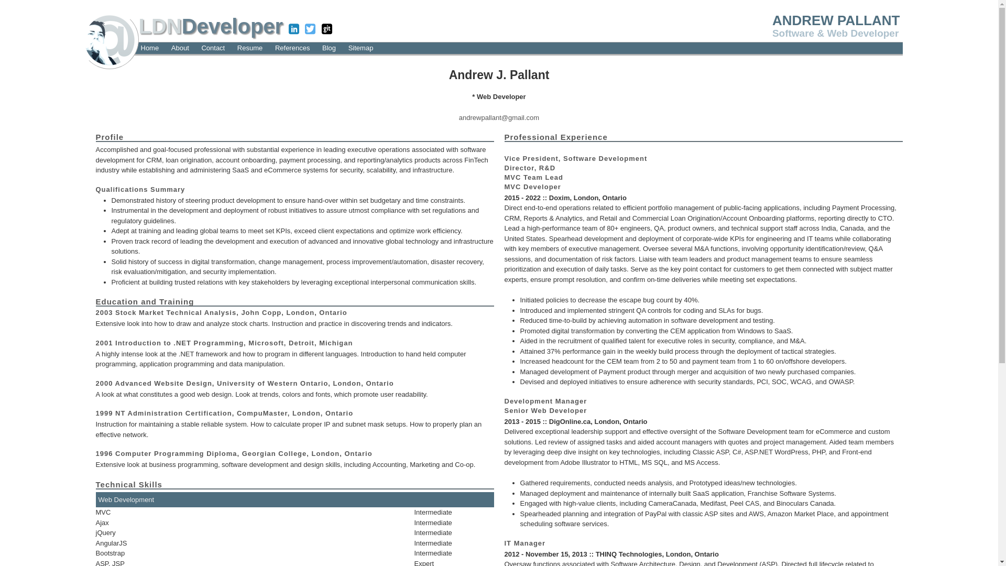  What do you see at coordinates (180, 48) in the screenshot?
I see `'About'` at bounding box center [180, 48].